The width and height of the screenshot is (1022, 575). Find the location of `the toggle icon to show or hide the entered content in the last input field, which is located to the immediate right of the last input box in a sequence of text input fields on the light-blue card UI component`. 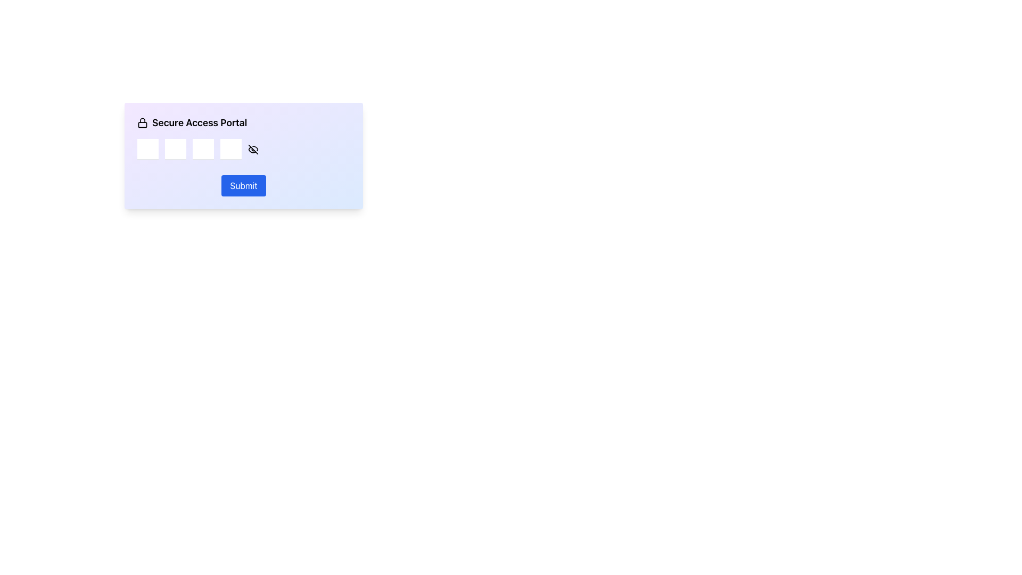

the toggle icon to show or hide the entered content in the last input field, which is located to the immediate right of the last input box in a sequence of text input fields on the light-blue card UI component is located at coordinates (252, 150).